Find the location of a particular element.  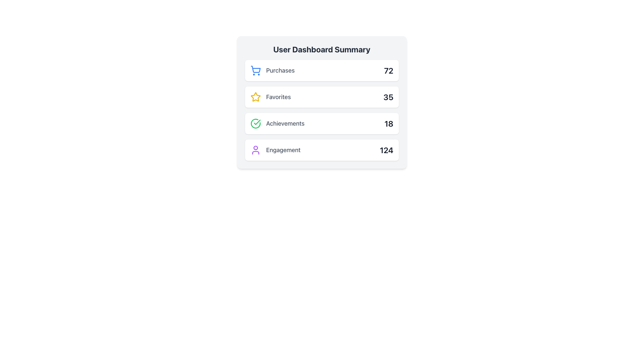

the 'Favorites' star icon located in the 'User Dashboard Summary' section, positioned to the left of the text 'Favorites' is located at coordinates (255, 97).